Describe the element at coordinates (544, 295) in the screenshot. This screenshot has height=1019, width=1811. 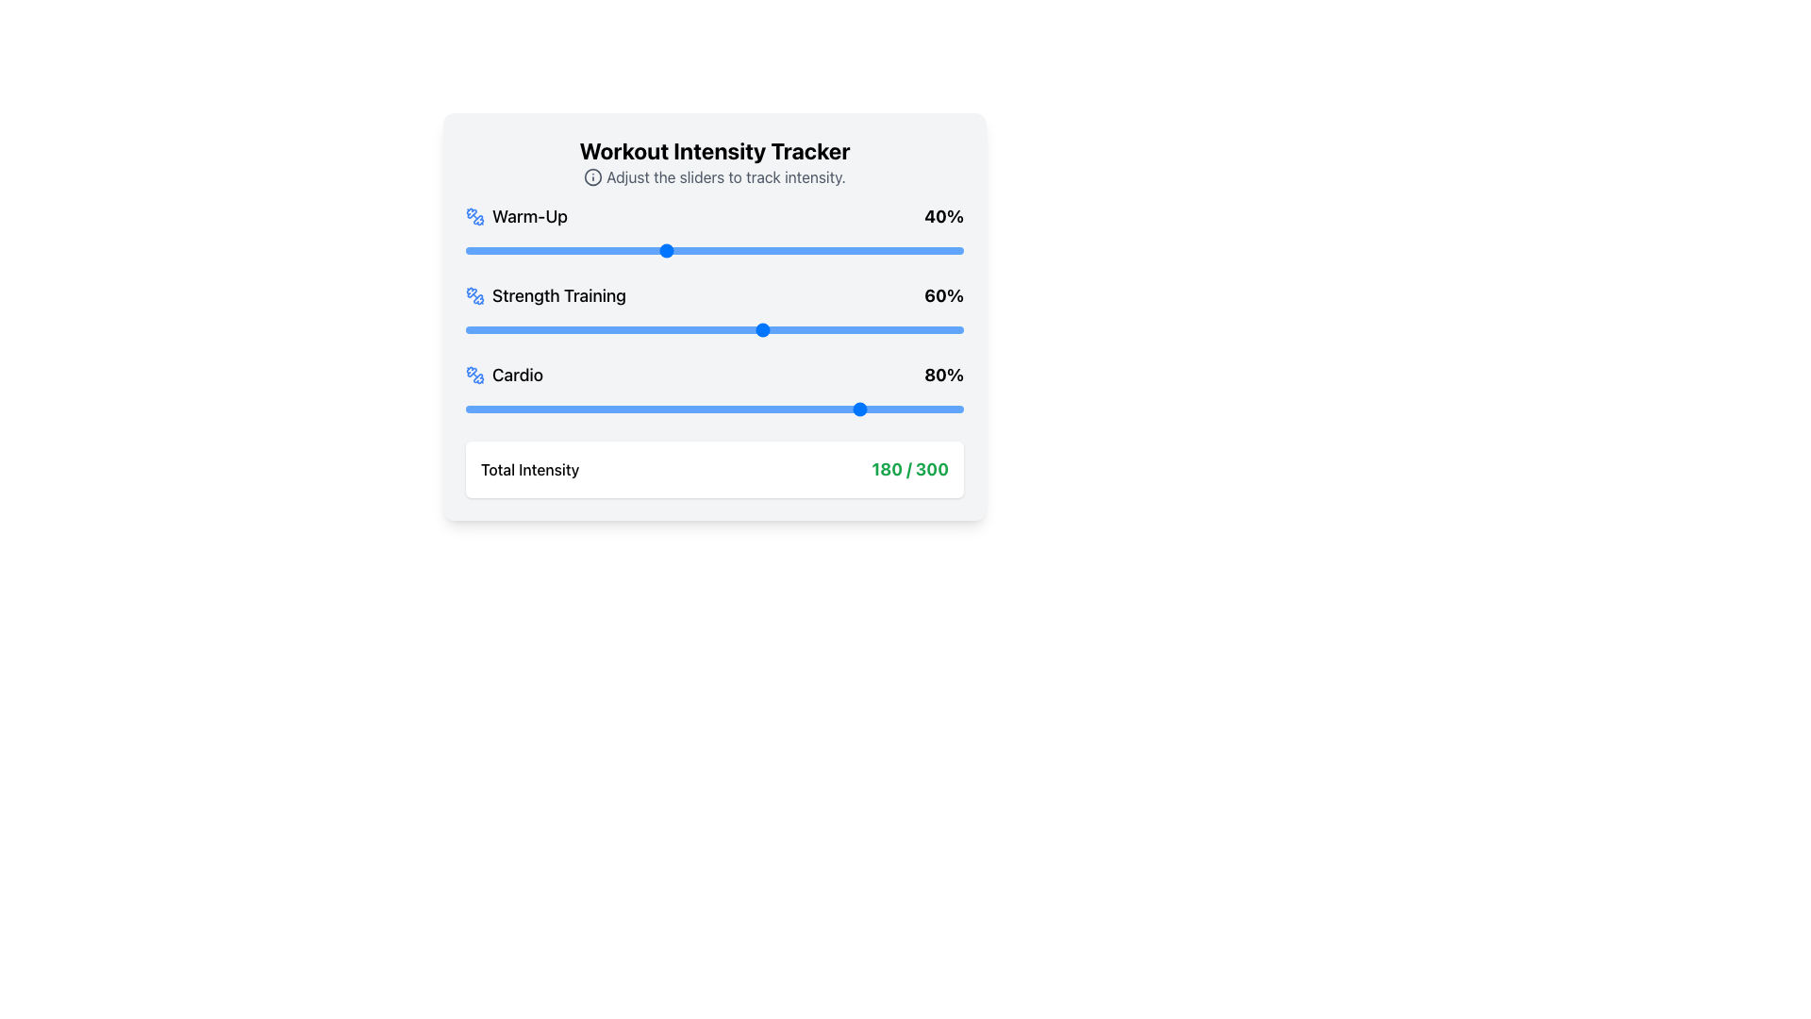
I see `the 'Strength Training' category label, which is the second label in a vertical list of options, to interact with it` at that location.